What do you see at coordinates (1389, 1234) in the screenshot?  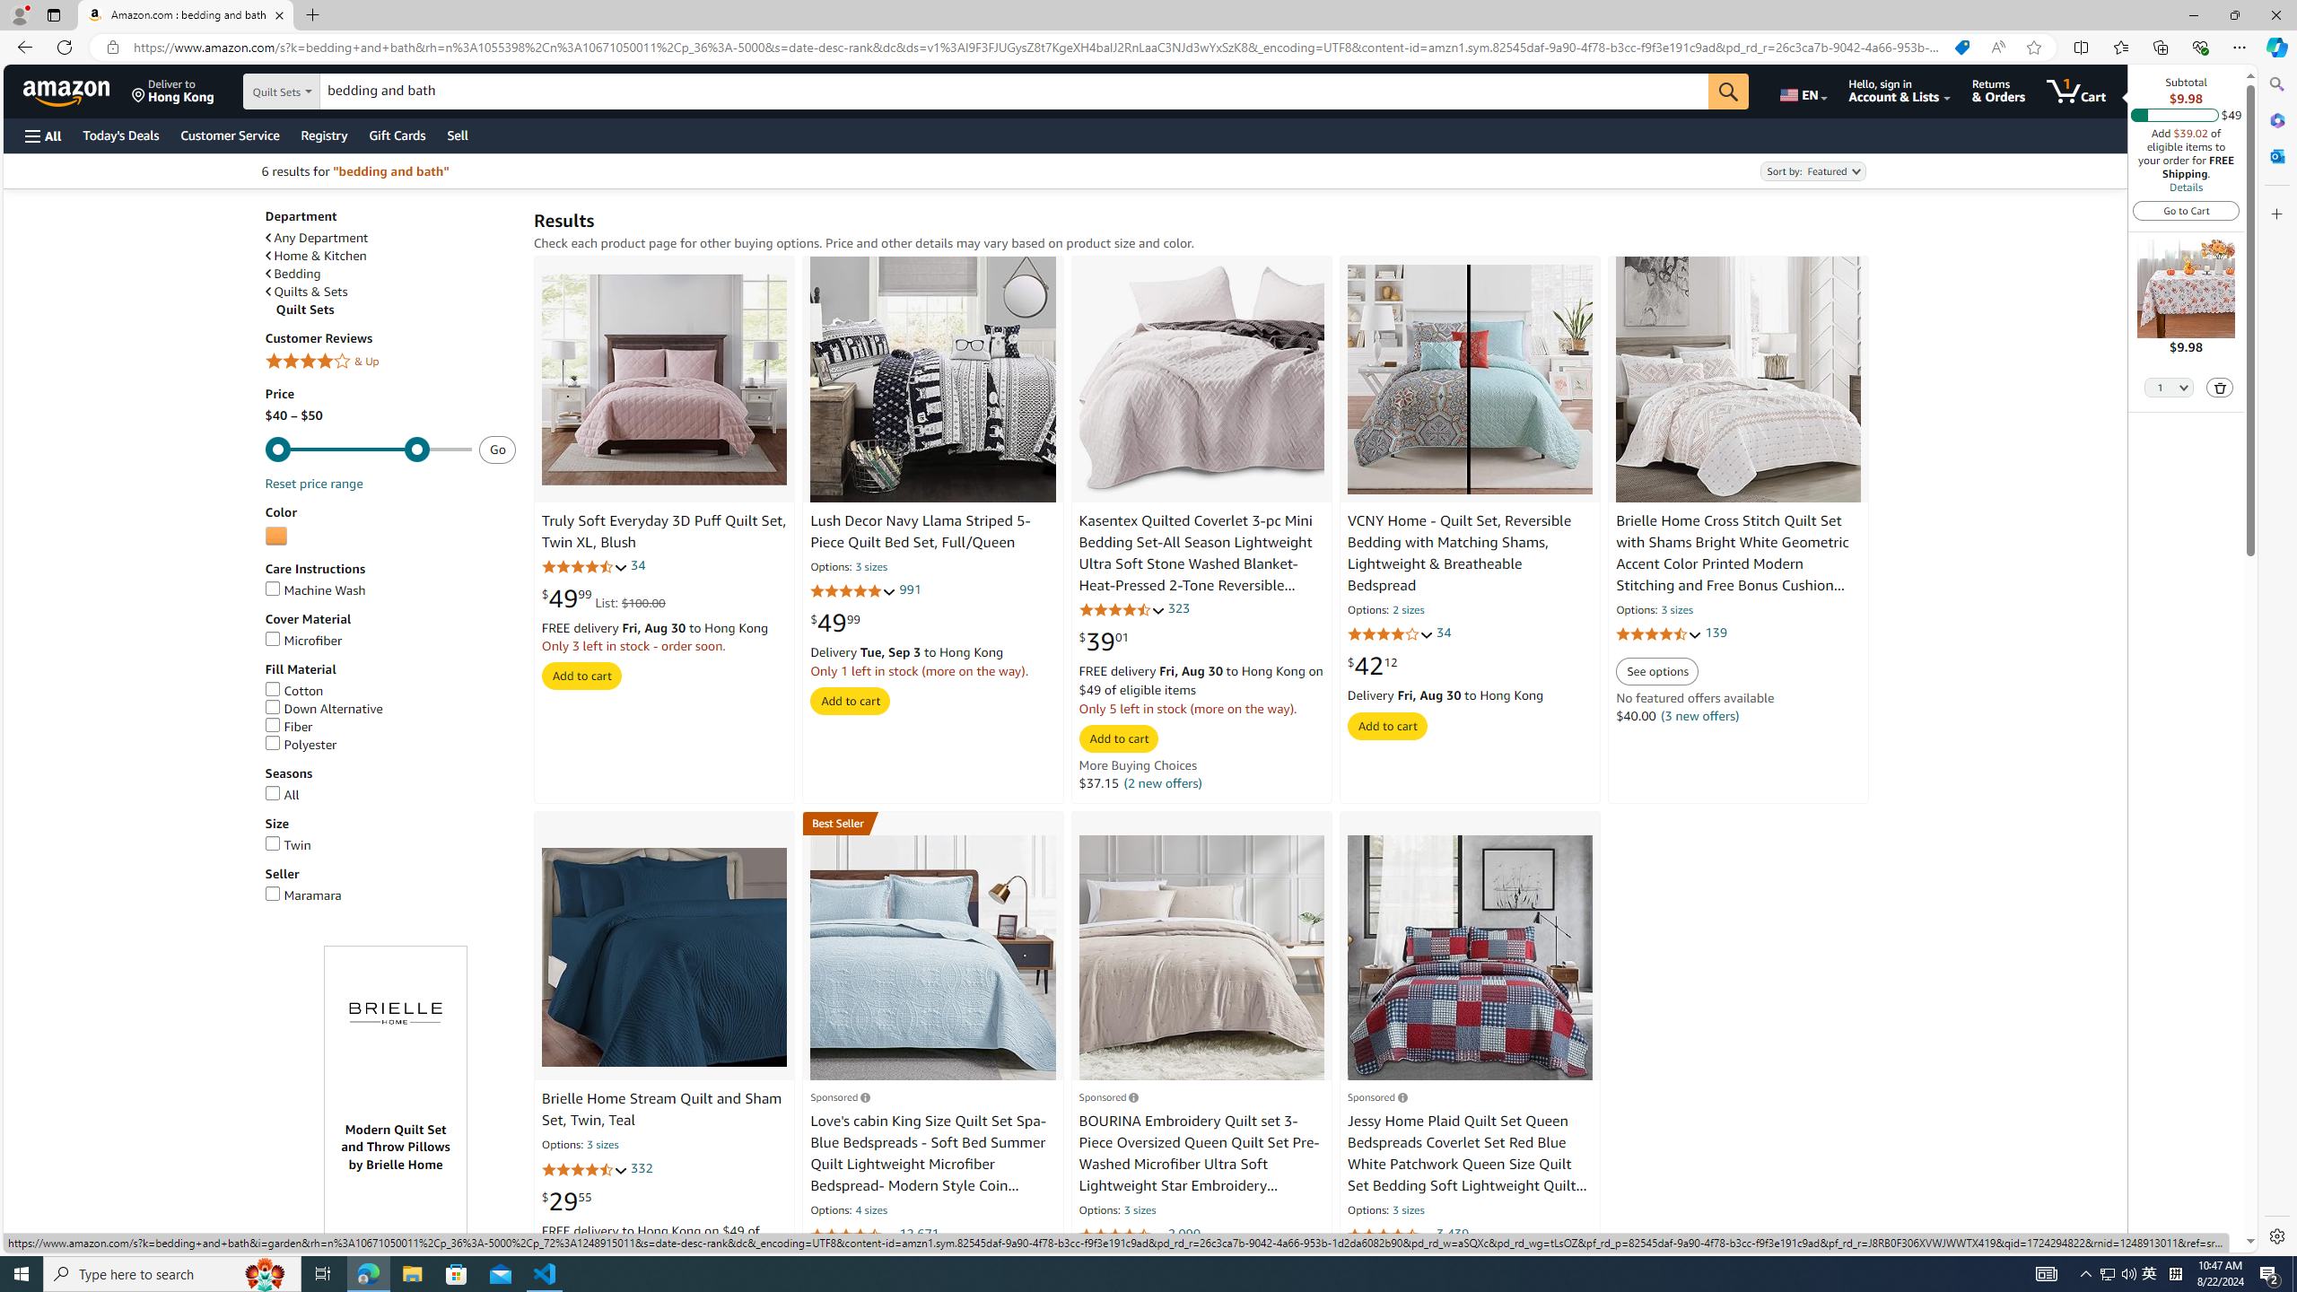 I see `'4.4 out of 5 stars'` at bounding box center [1389, 1234].